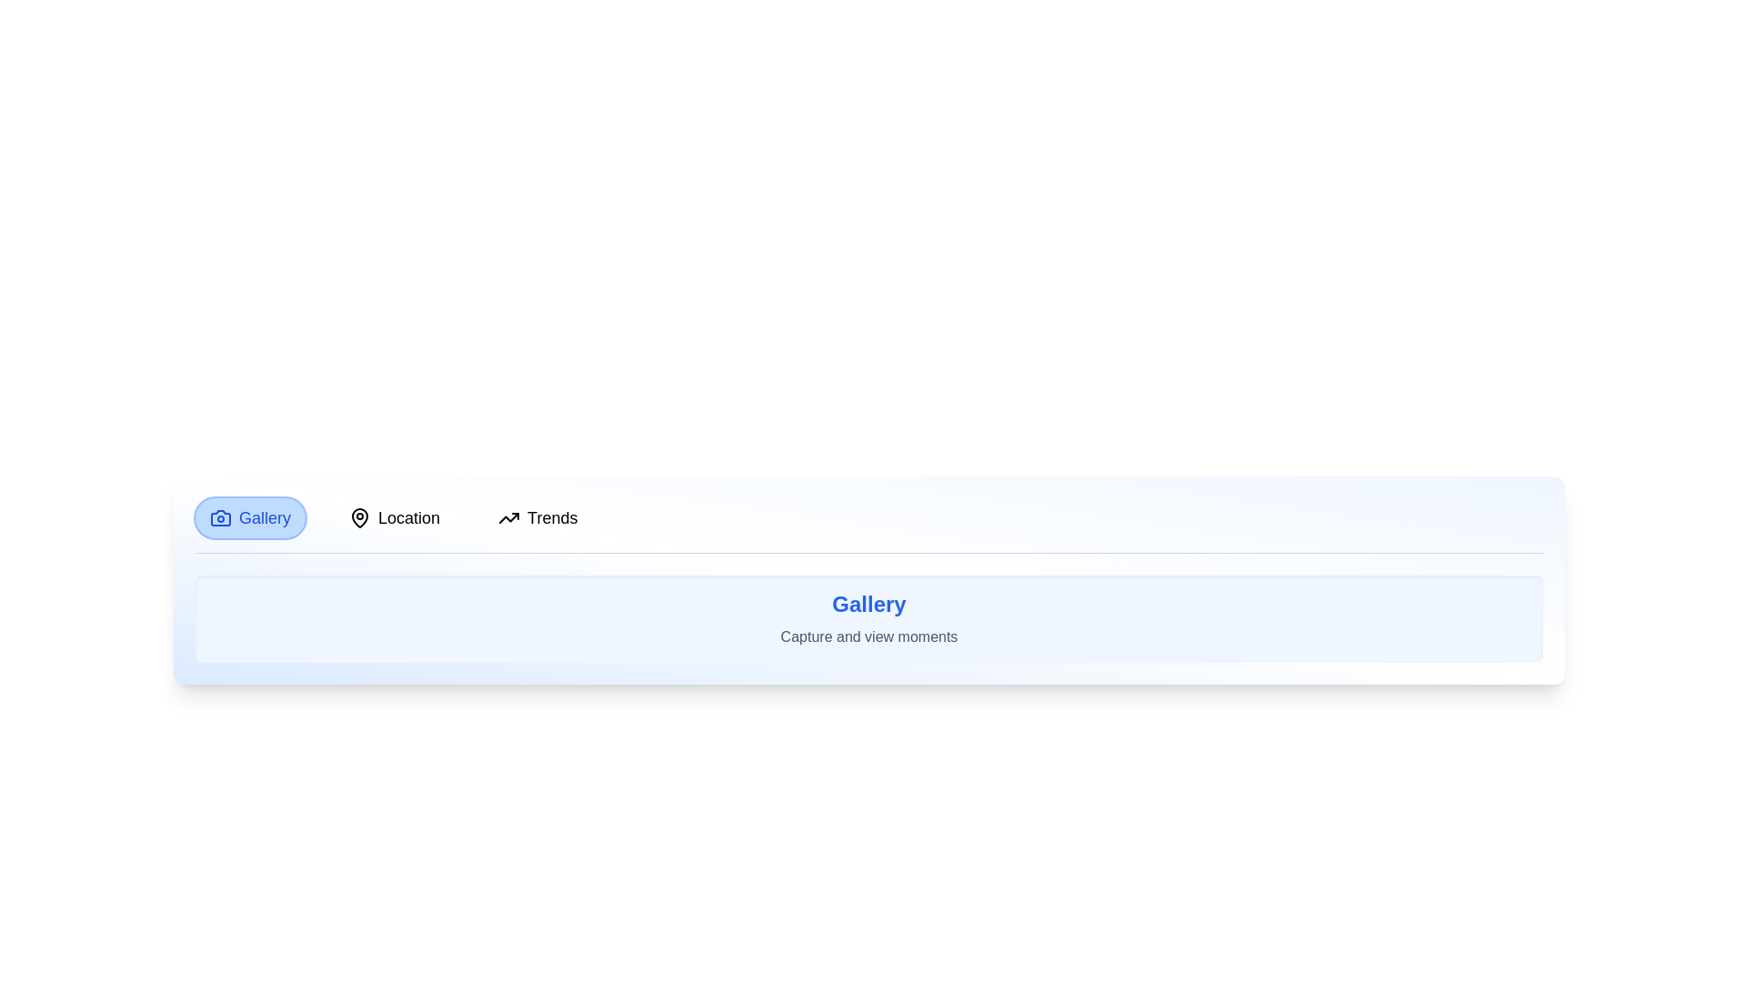 The image size is (1746, 982). What do you see at coordinates (537, 518) in the screenshot?
I see `the Trends tab to observe the active tab styling changes` at bounding box center [537, 518].